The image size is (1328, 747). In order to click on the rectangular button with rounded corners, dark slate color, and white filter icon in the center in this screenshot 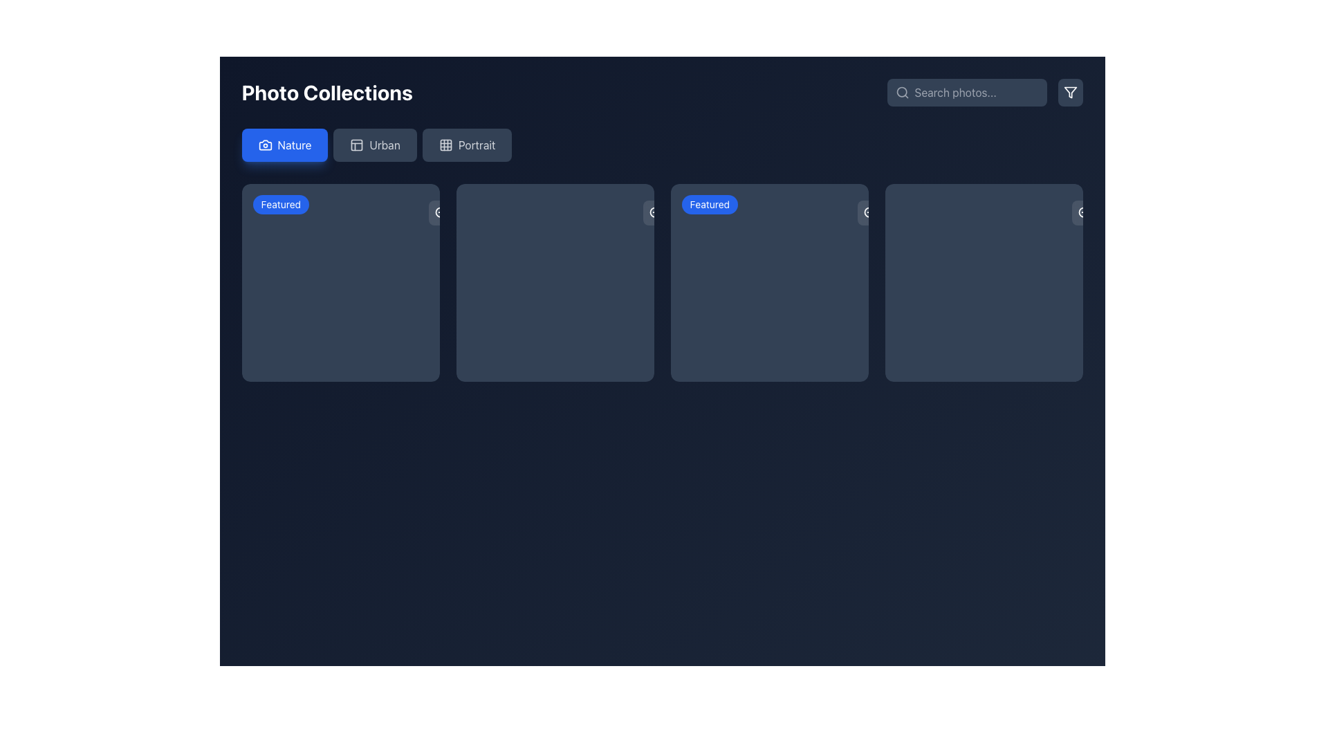, I will do `click(1069, 93)`.